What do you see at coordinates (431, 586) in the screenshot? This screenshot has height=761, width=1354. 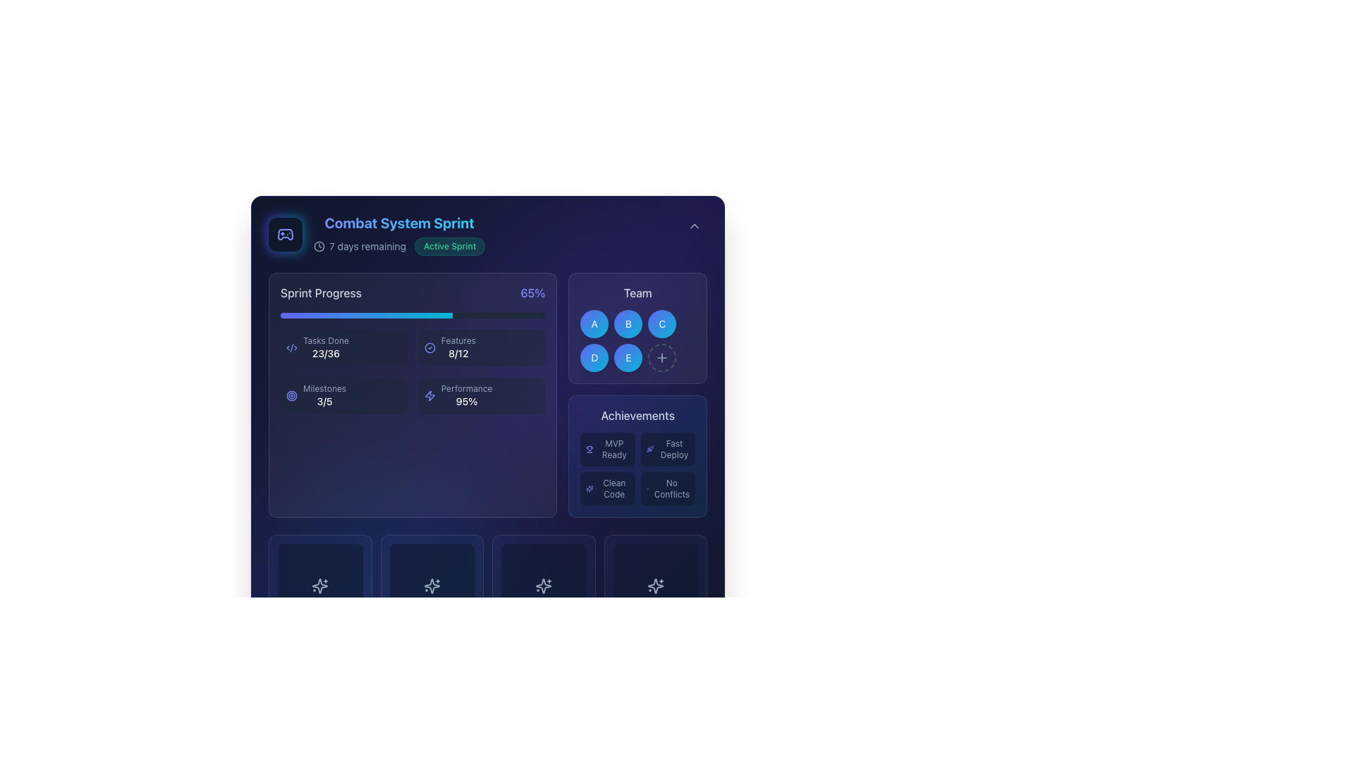 I see `the second icon from the left in the lower section of the interface, which likely triggers a sparkle-related theme or action` at bounding box center [431, 586].